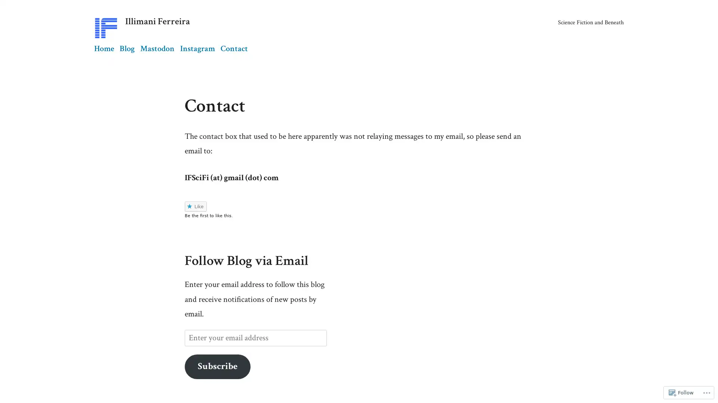 The width and height of the screenshot is (718, 403). What do you see at coordinates (217, 366) in the screenshot?
I see `Subscribe` at bounding box center [217, 366].